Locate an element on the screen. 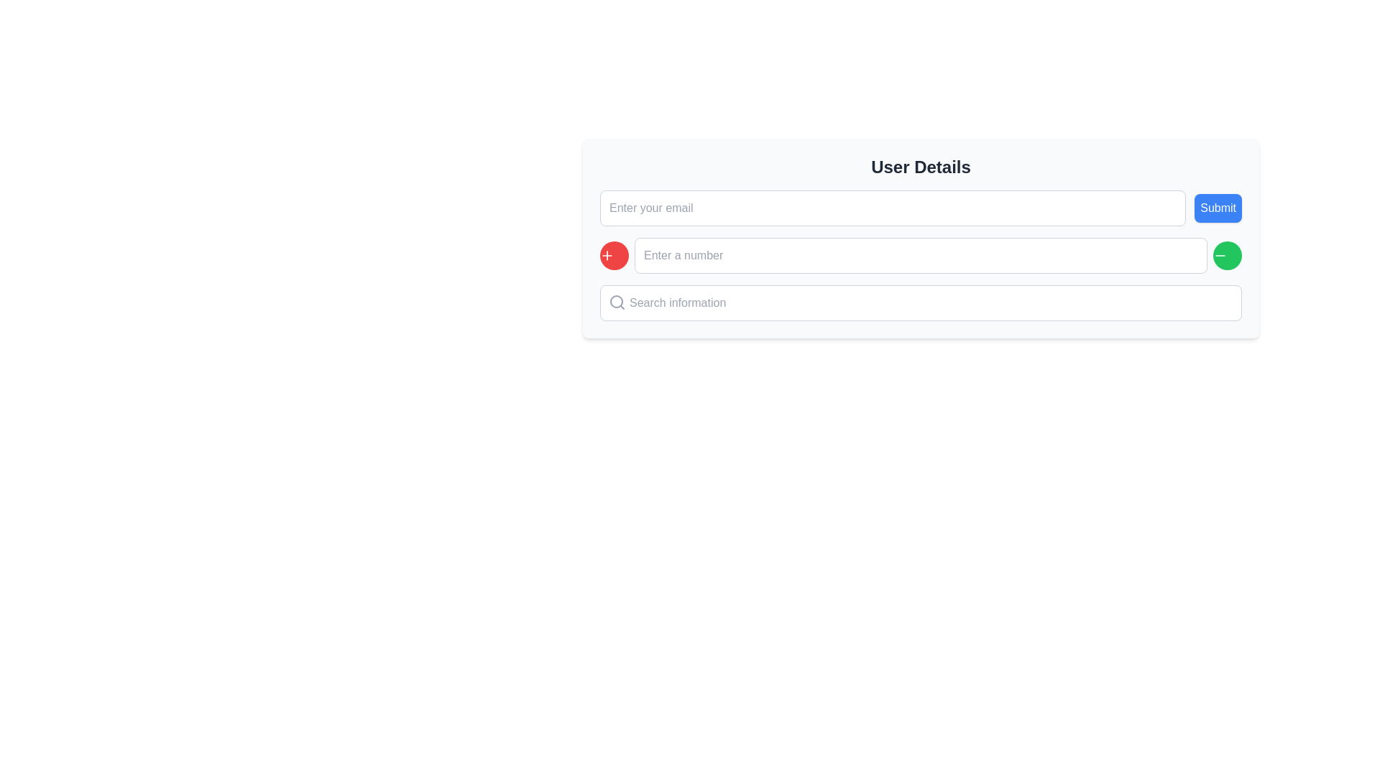 Image resolution: width=1380 pixels, height=776 pixels. the text input field for email entry located beneath the 'User Details' header is located at coordinates (921, 208).